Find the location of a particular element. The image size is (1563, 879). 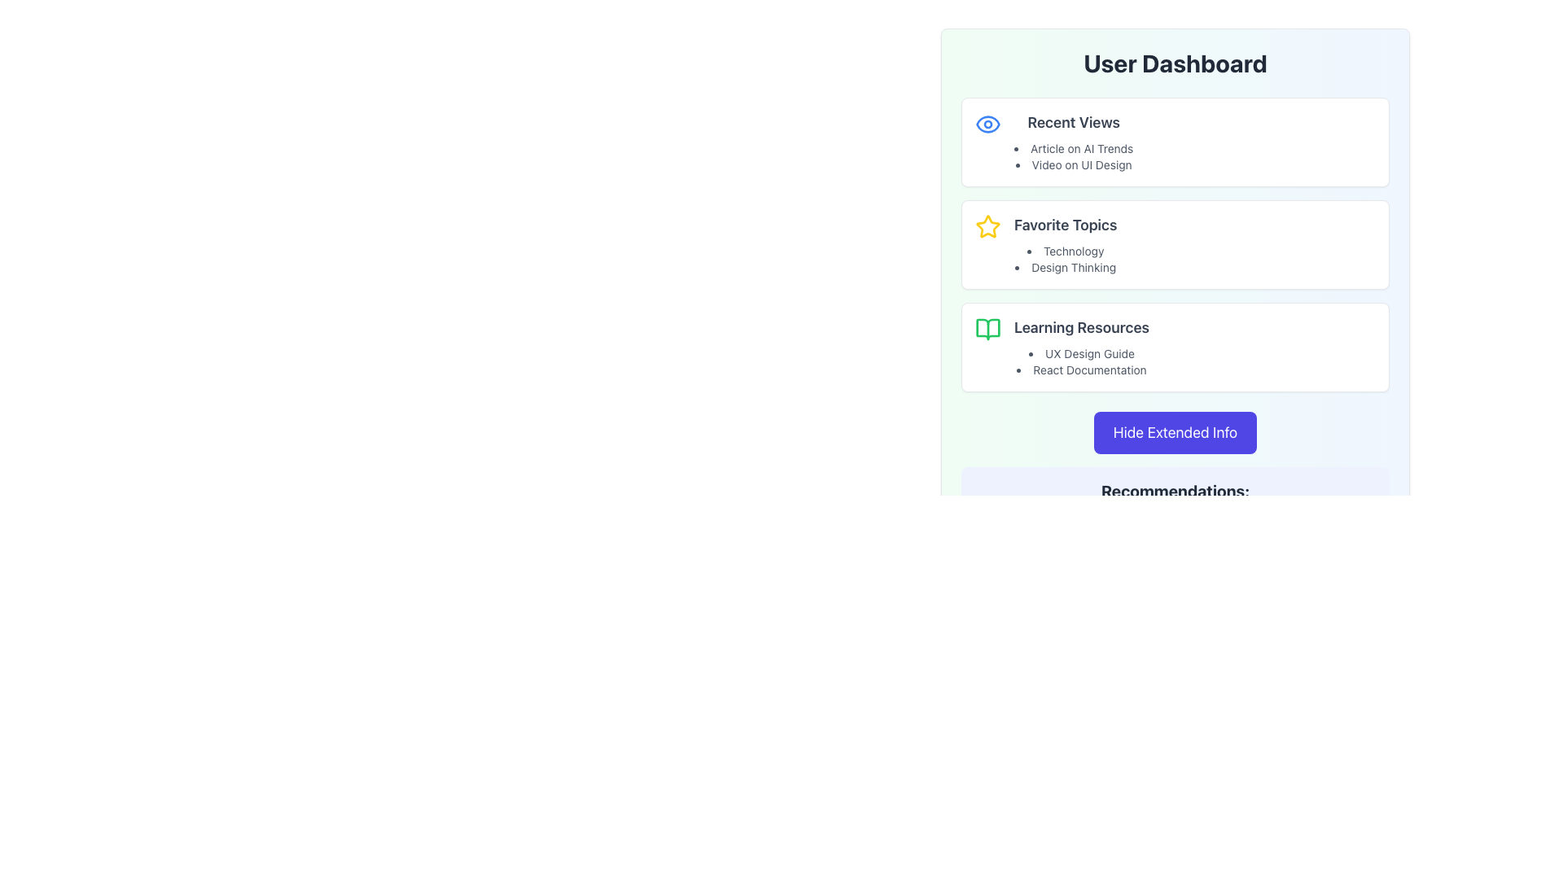

the Text Label displaying a recent view in the 'Recent Views' section of the User Dashboard is located at coordinates (1074, 148).